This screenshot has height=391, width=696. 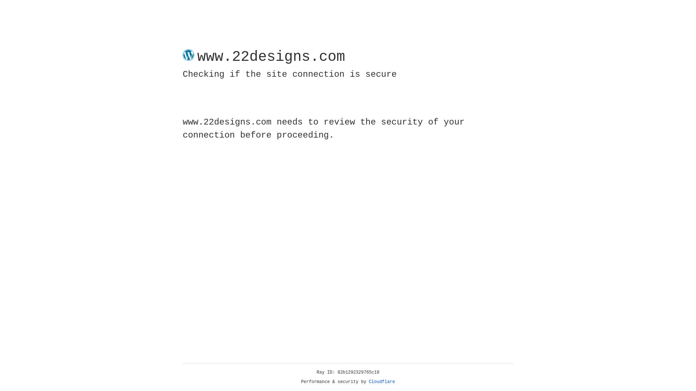 What do you see at coordinates (369, 382) in the screenshot?
I see `'Cloudflare'` at bounding box center [369, 382].